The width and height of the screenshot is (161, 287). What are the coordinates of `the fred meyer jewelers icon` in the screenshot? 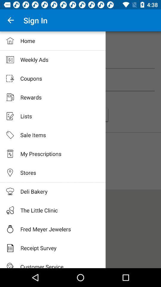 It's located at (10, 229).